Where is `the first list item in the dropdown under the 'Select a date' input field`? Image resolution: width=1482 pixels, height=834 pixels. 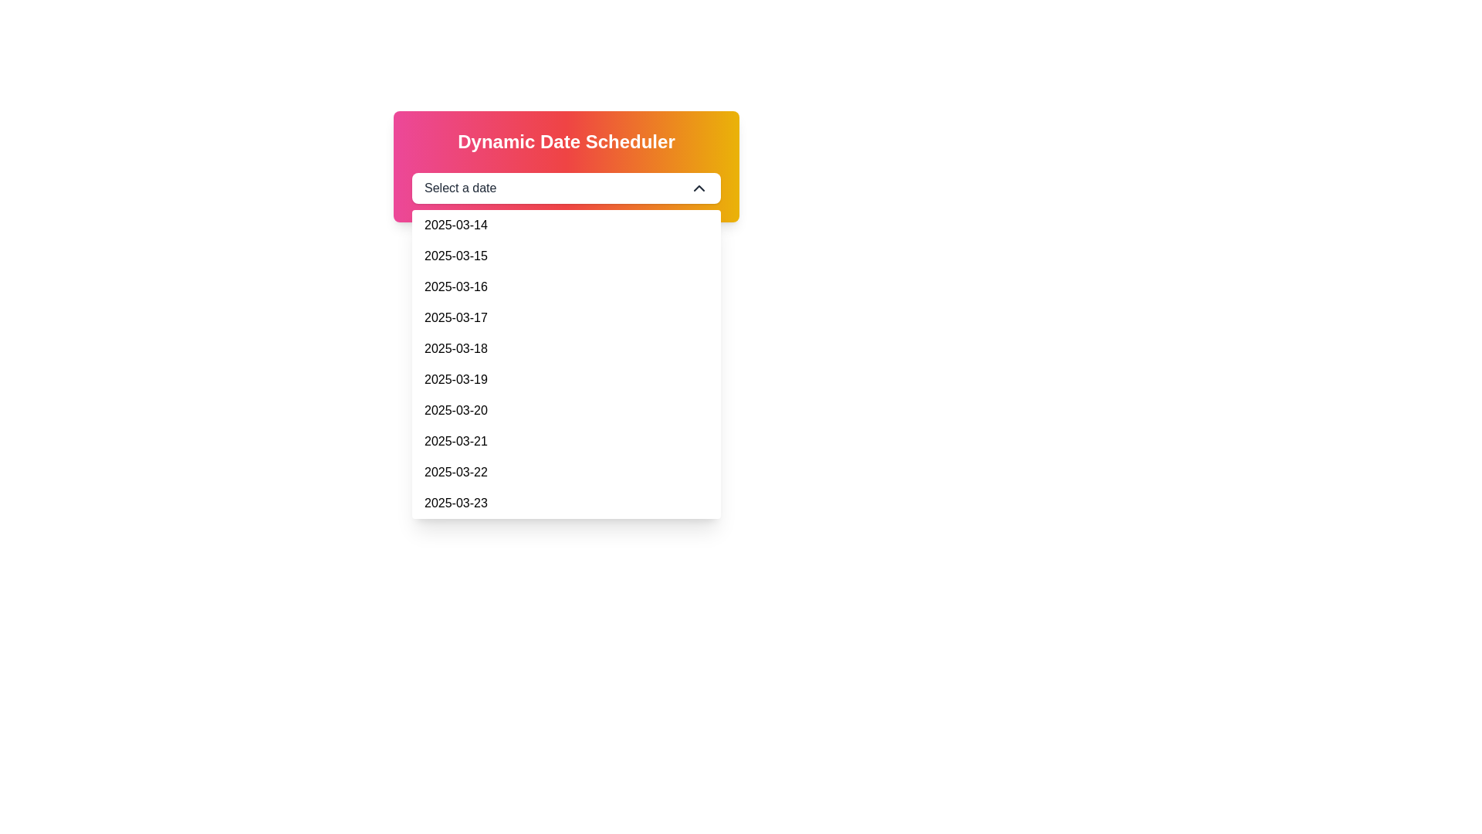 the first list item in the dropdown under the 'Select a date' input field is located at coordinates (566, 225).